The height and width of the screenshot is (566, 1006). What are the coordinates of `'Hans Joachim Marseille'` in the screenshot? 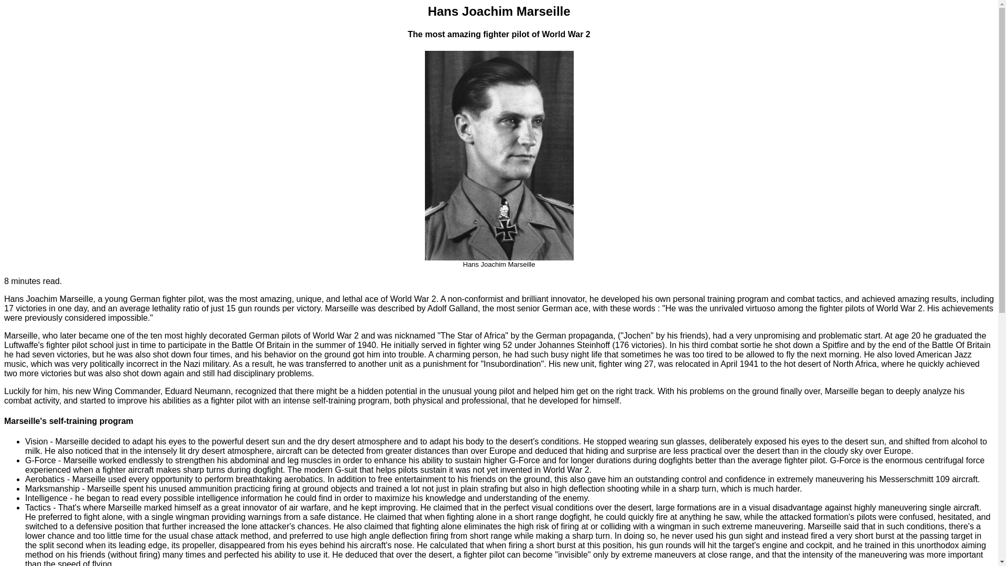 It's located at (498, 156).